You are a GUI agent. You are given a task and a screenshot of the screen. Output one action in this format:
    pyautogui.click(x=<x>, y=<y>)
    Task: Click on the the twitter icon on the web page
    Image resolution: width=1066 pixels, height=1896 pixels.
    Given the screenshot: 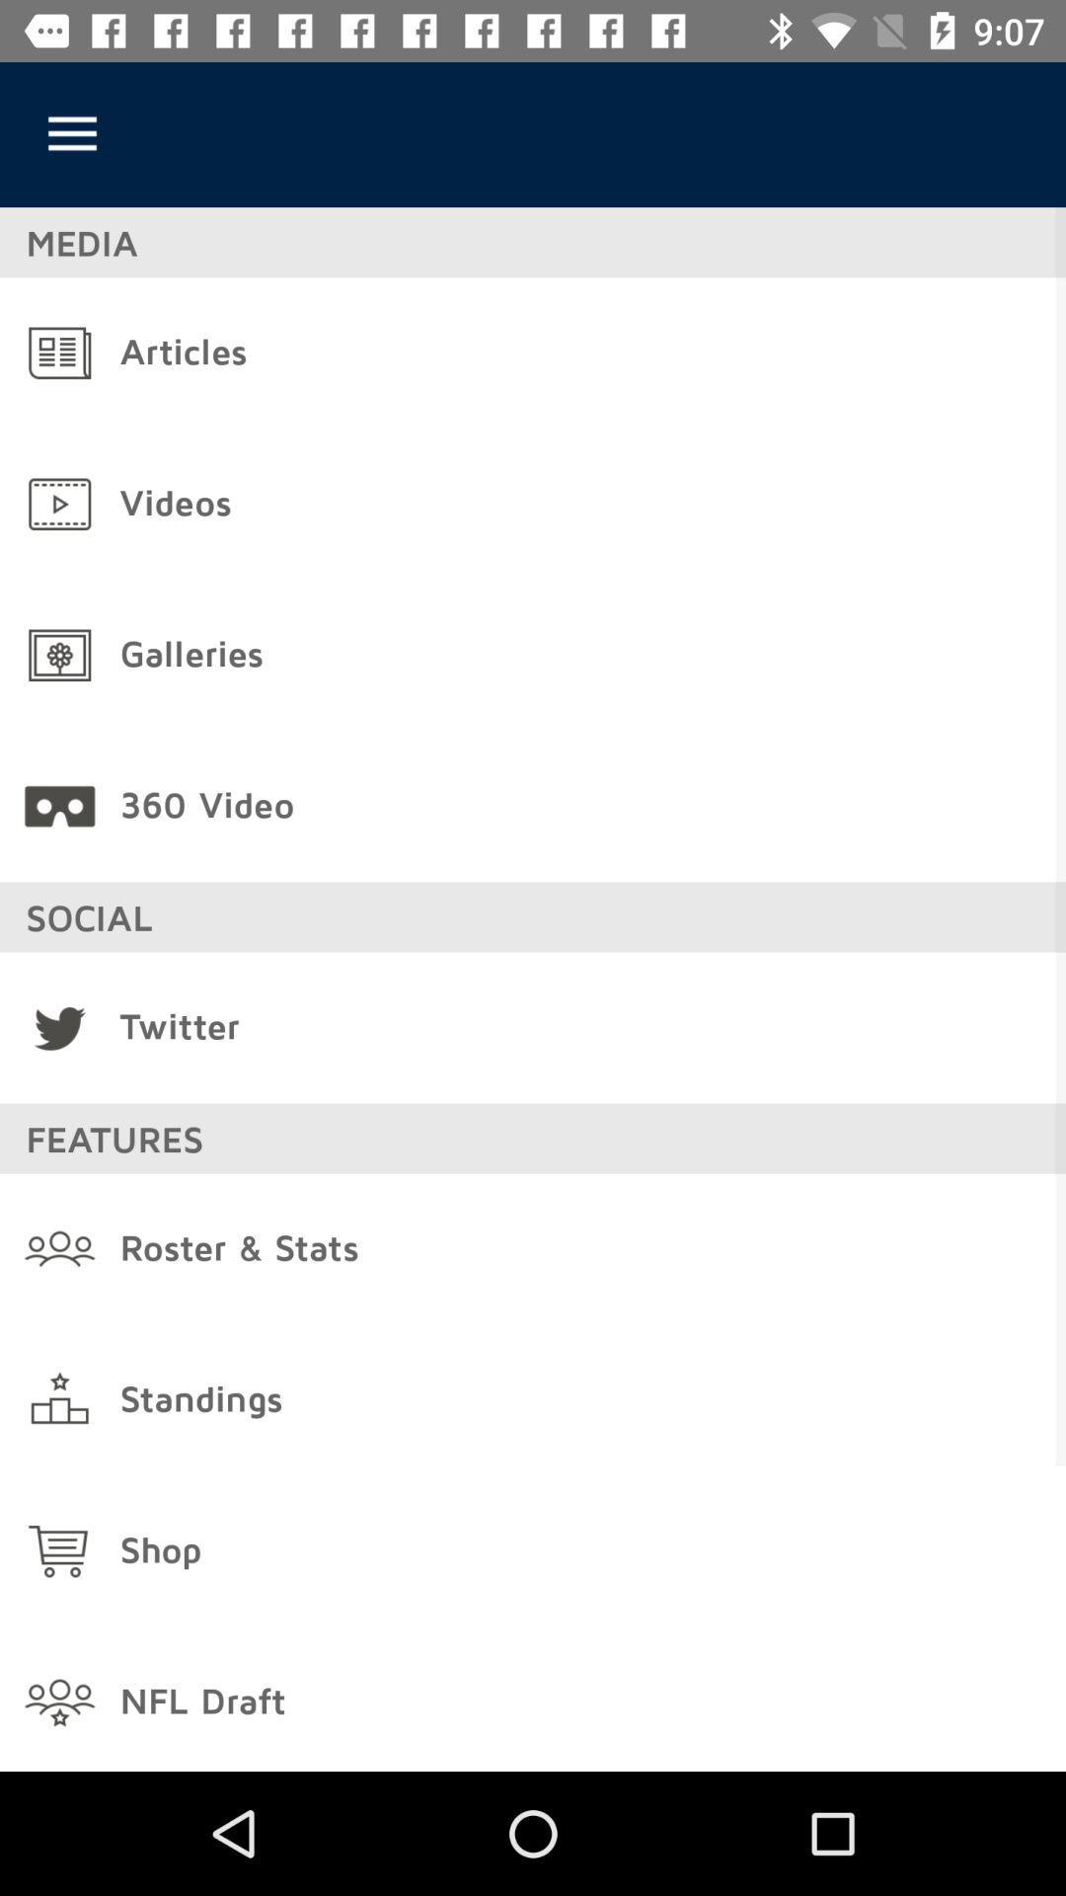 What is the action you would take?
    pyautogui.click(x=59, y=1027)
    